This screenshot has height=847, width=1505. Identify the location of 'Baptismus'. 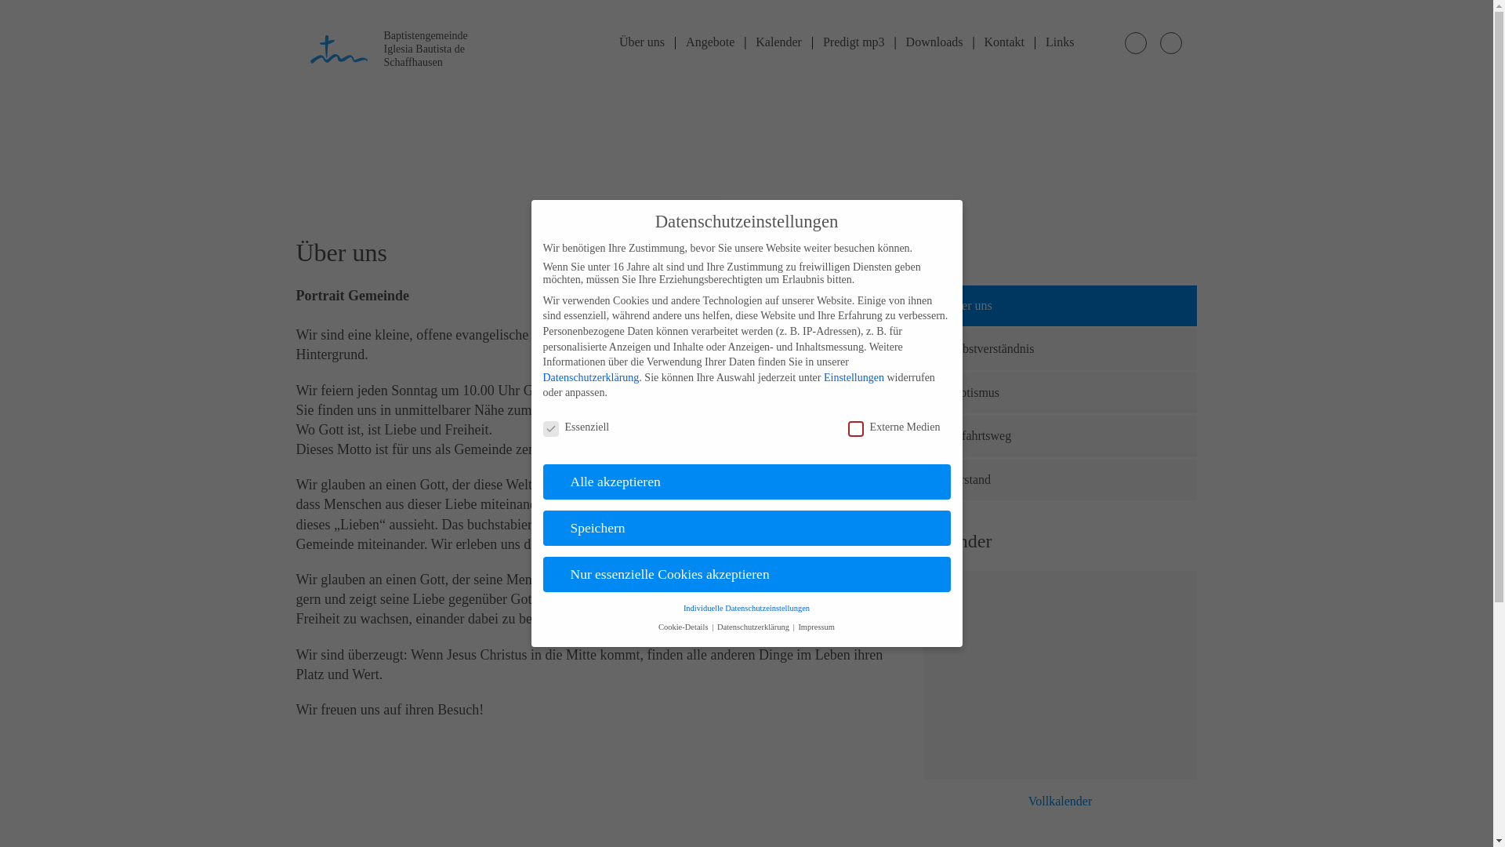
(923, 392).